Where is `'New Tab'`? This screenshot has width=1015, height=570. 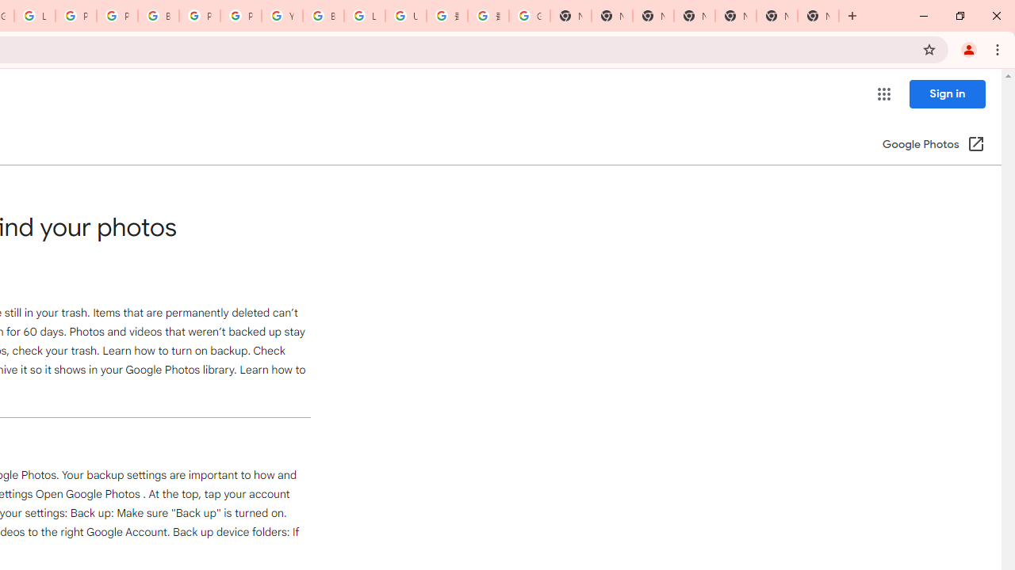
'New Tab' is located at coordinates (818, 16).